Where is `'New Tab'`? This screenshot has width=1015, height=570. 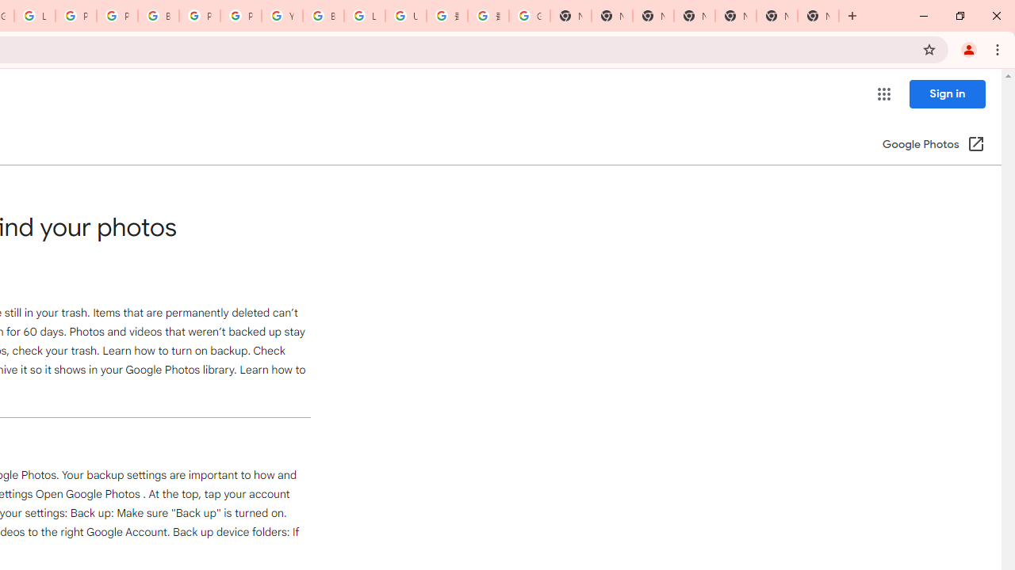
'New Tab' is located at coordinates (818, 16).